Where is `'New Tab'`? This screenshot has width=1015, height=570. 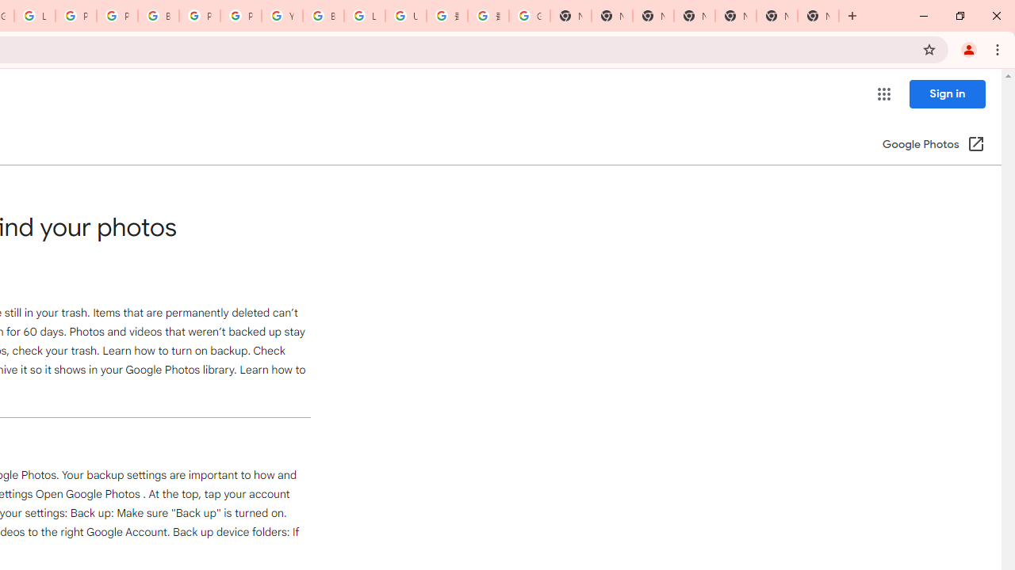
'New Tab' is located at coordinates (818, 16).